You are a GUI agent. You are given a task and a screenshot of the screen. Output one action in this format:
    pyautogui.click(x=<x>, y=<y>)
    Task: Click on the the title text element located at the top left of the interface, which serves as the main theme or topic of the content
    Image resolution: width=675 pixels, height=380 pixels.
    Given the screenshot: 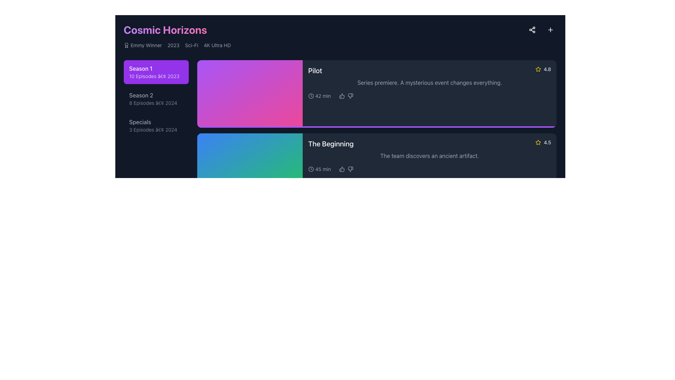 What is the action you would take?
    pyautogui.click(x=165, y=29)
    